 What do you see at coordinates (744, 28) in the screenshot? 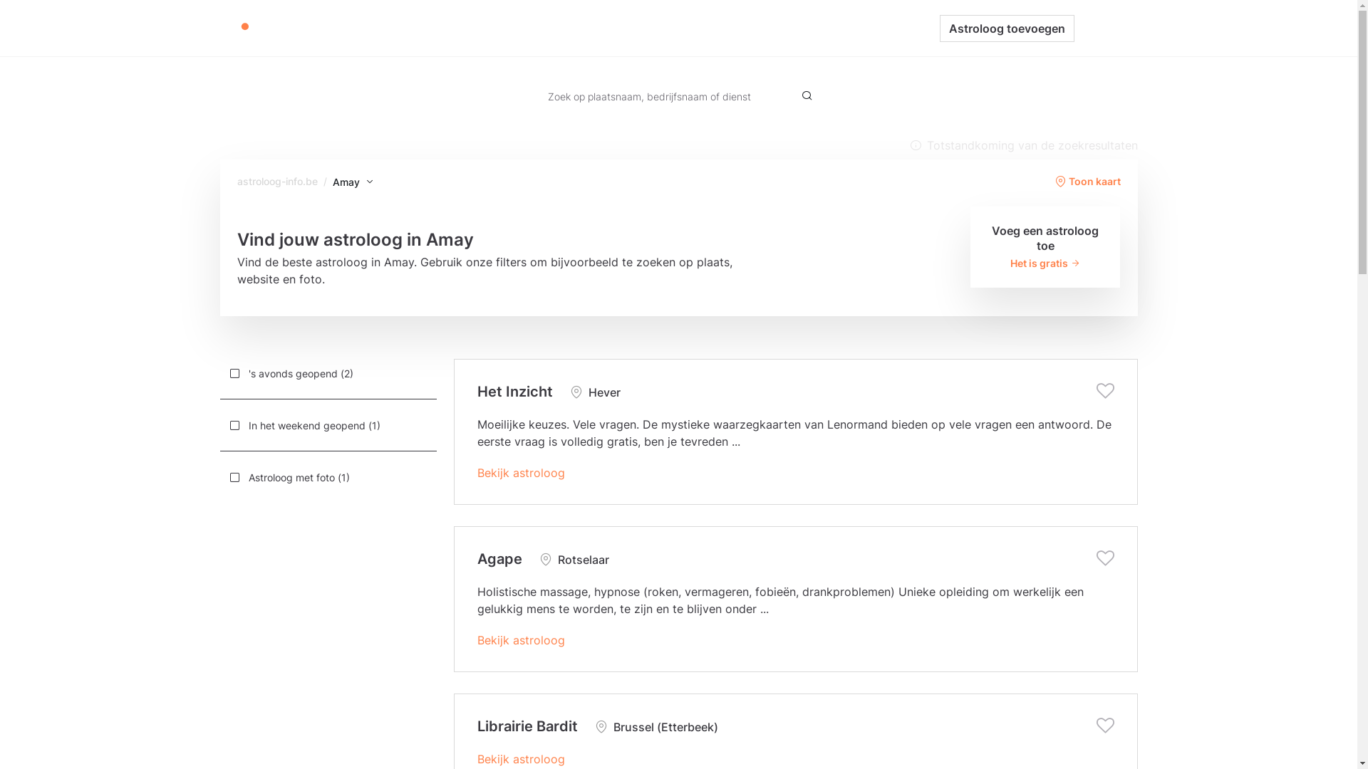
I see `'Vraagbaak'` at bounding box center [744, 28].